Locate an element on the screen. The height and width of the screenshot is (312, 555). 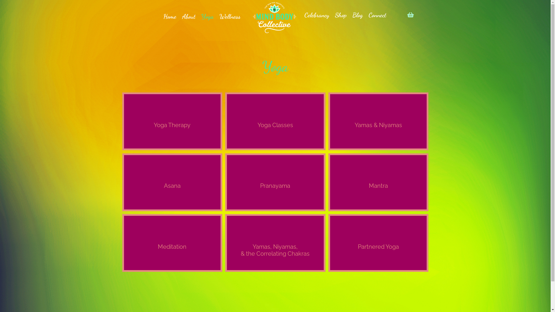
'Blog' is located at coordinates (357, 15).